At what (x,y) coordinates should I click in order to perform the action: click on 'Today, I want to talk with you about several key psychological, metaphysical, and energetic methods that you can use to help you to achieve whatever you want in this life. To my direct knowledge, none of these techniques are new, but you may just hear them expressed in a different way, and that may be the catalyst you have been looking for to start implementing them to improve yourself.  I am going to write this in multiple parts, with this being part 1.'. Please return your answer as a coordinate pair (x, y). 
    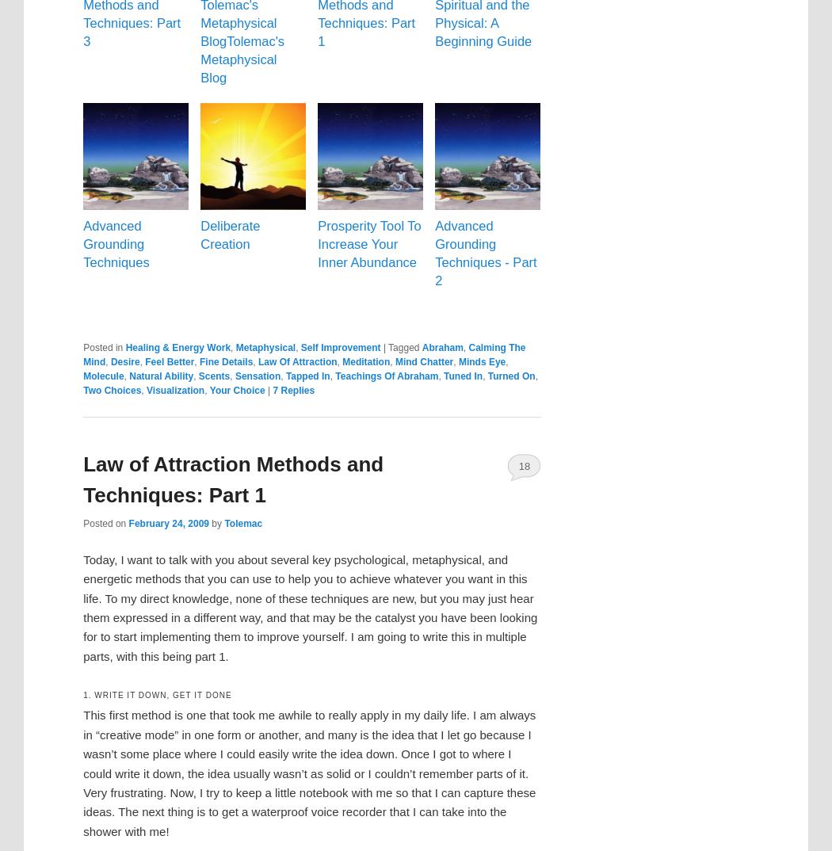
    Looking at the image, I should click on (310, 606).